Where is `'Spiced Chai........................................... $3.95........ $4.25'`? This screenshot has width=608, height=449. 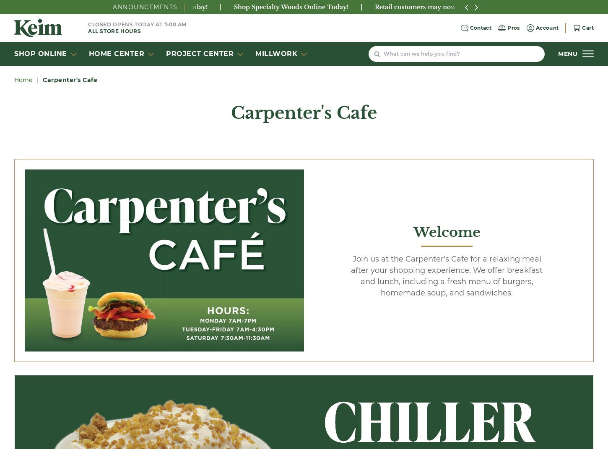 'Spiced Chai........................................... $3.95........ $4.25' is located at coordinates (111, 398).